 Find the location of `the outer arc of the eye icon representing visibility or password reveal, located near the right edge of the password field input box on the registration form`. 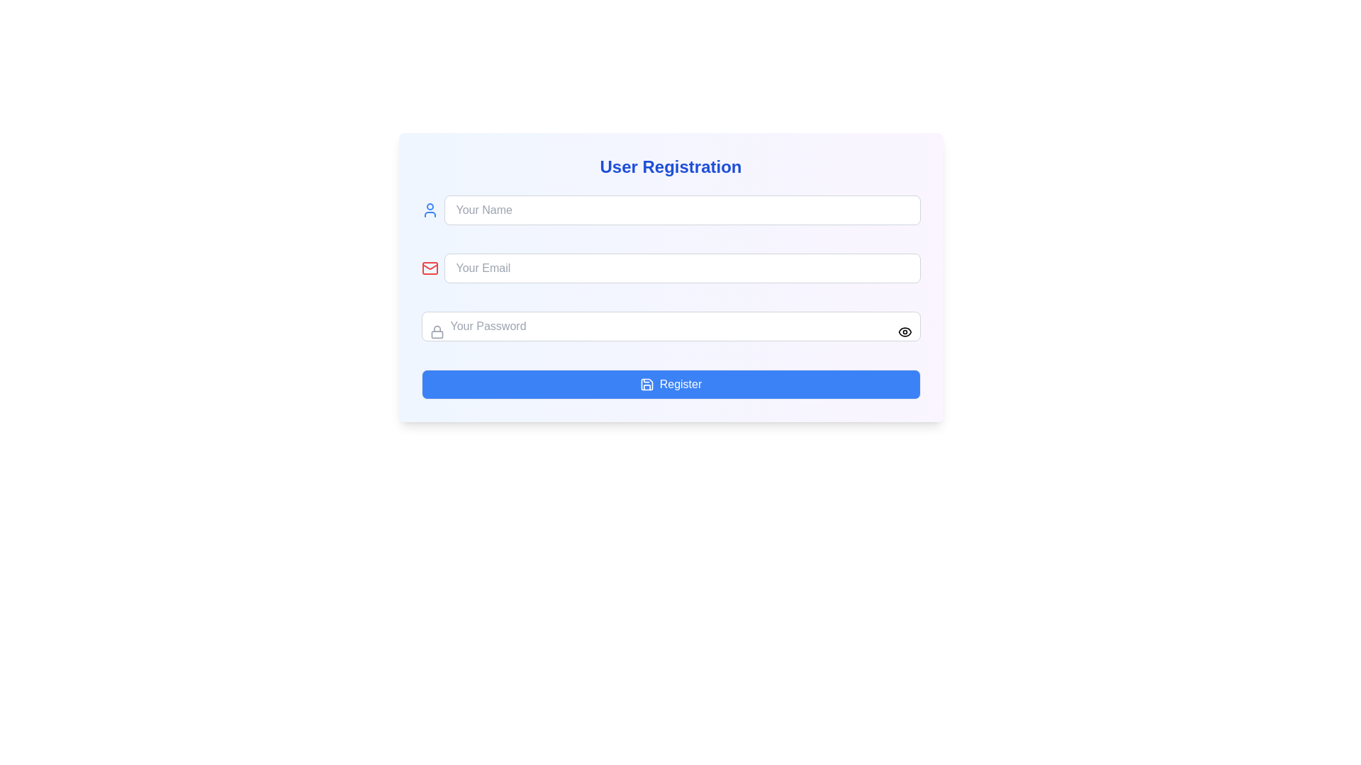

the outer arc of the eye icon representing visibility or password reveal, located near the right edge of the password field input box on the registration form is located at coordinates (904, 332).